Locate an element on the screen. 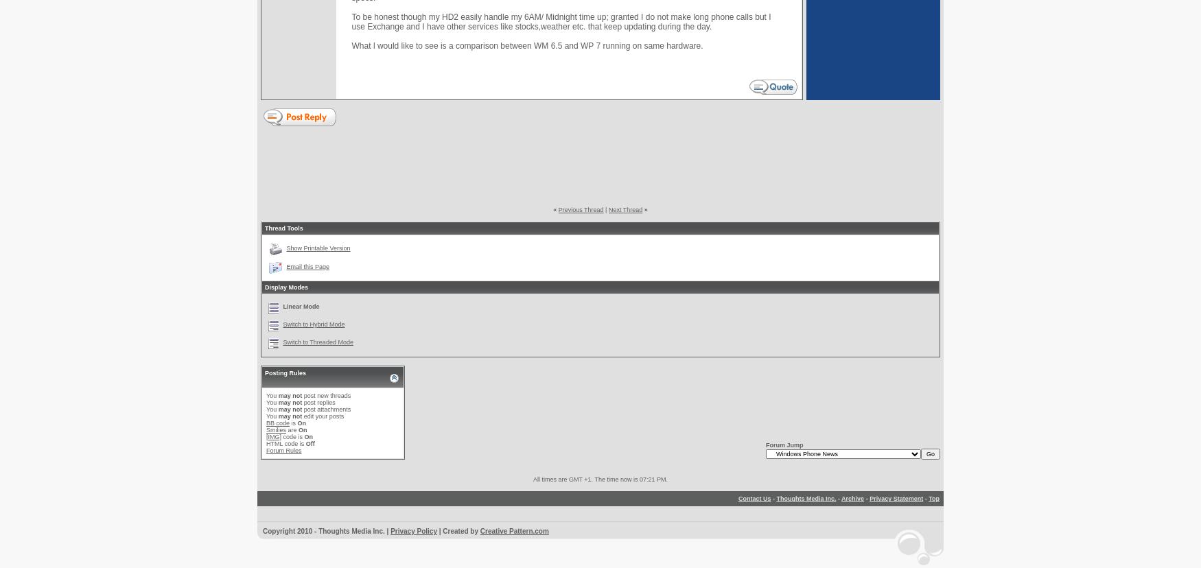  'edit your posts' is located at coordinates (301, 416).